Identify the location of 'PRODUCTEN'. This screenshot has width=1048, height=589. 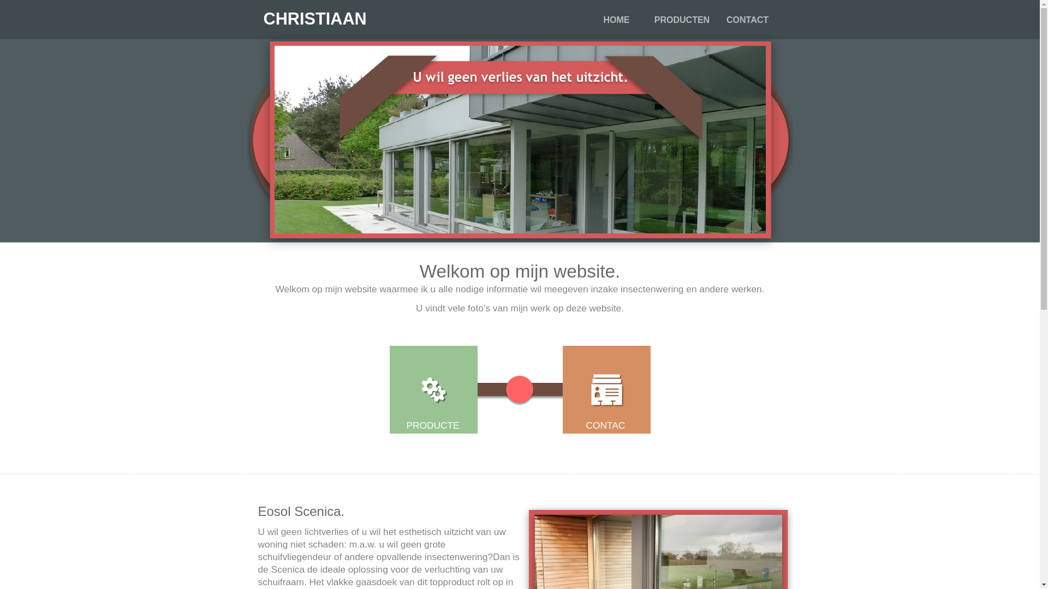
(432, 431).